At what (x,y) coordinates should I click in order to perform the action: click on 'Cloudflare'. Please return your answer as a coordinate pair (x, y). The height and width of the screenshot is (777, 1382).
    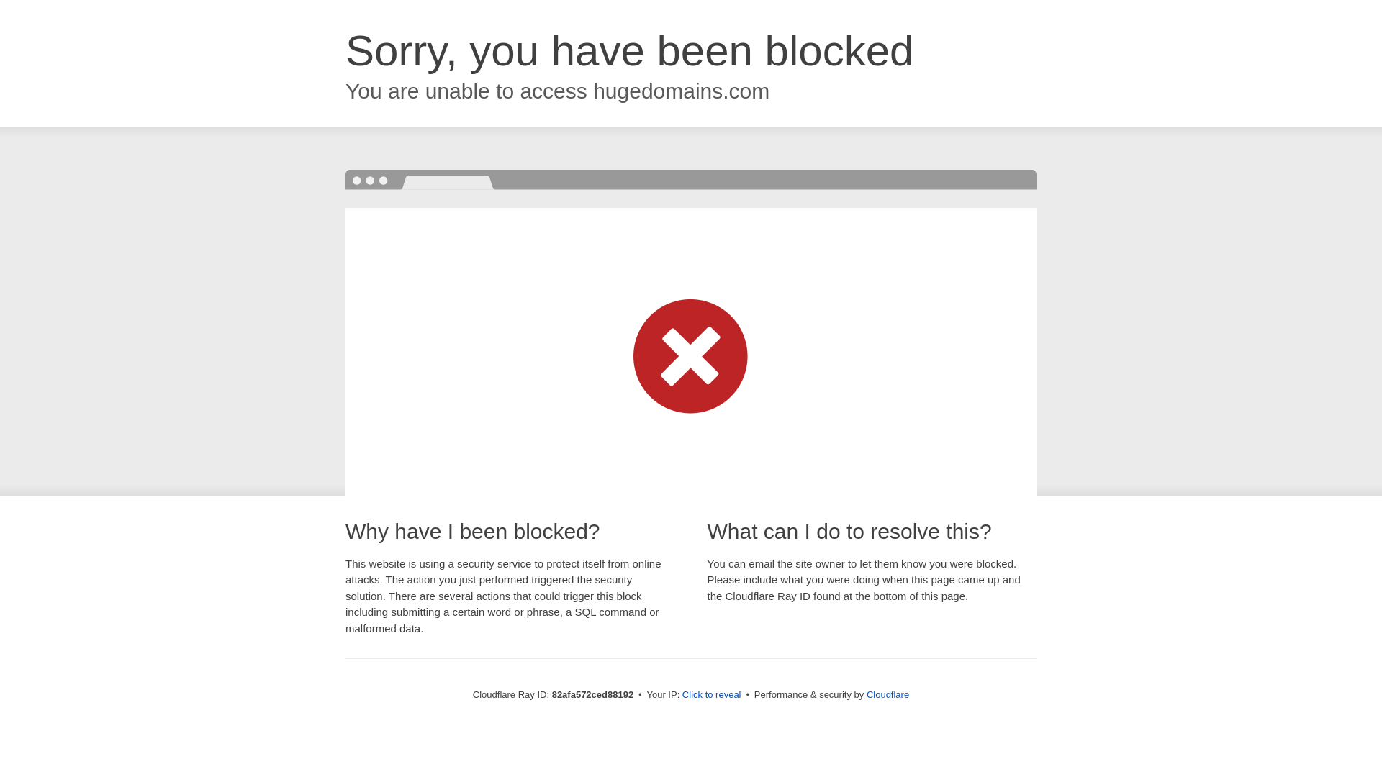
    Looking at the image, I should click on (887, 694).